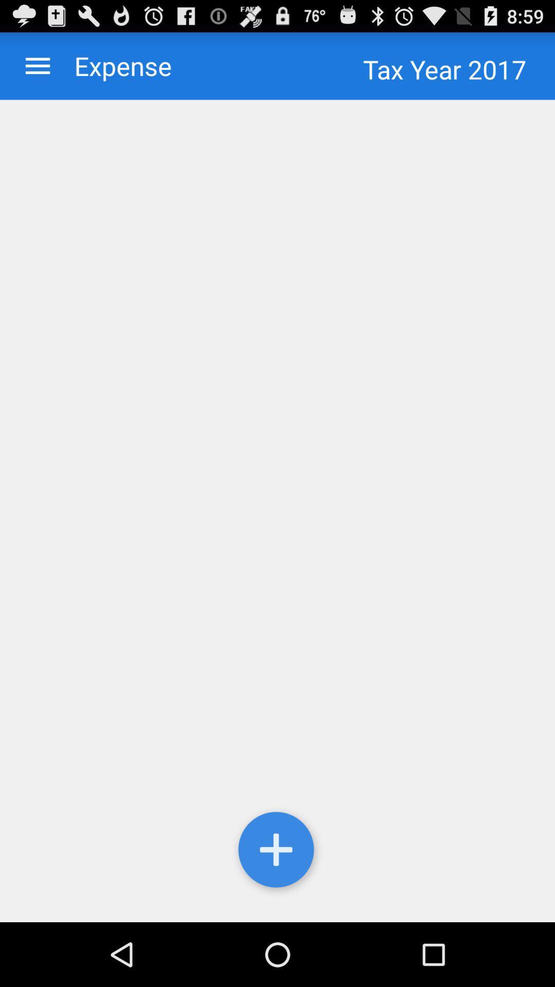 The height and width of the screenshot is (987, 555). I want to click on click on add button, so click(277, 852).